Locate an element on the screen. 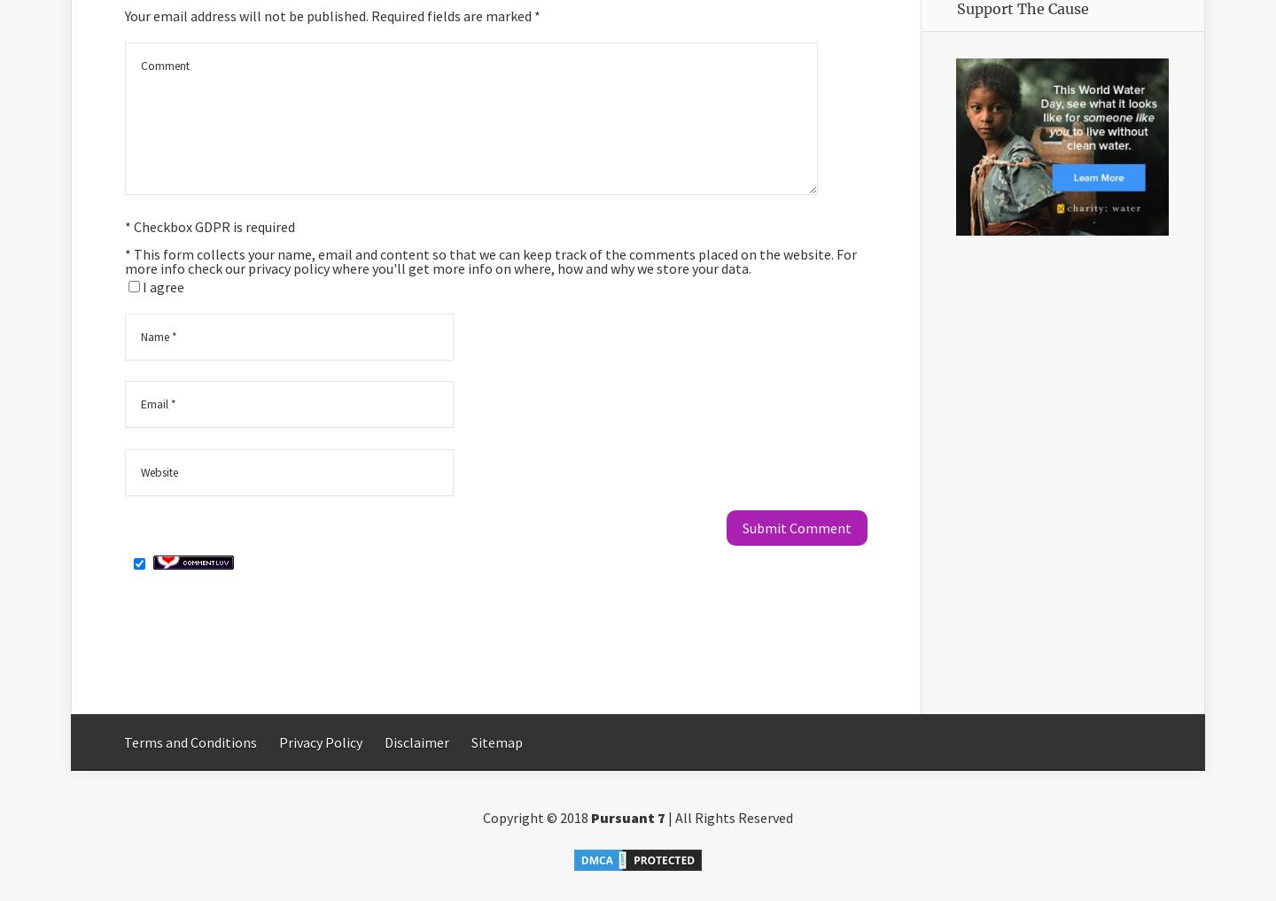 This screenshot has height=901, width=1276. 'Disclaimer' is located at coordinates (385, 742).